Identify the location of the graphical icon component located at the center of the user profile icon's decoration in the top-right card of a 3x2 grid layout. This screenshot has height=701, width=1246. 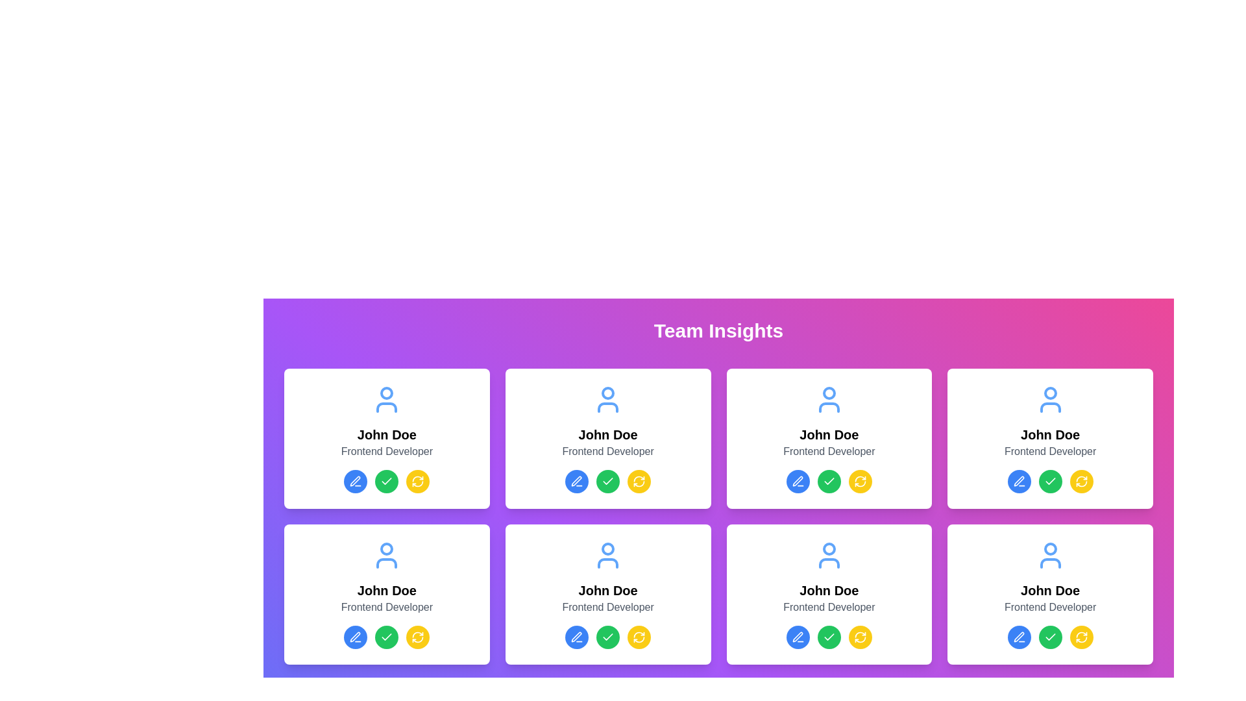
(1050, 392).